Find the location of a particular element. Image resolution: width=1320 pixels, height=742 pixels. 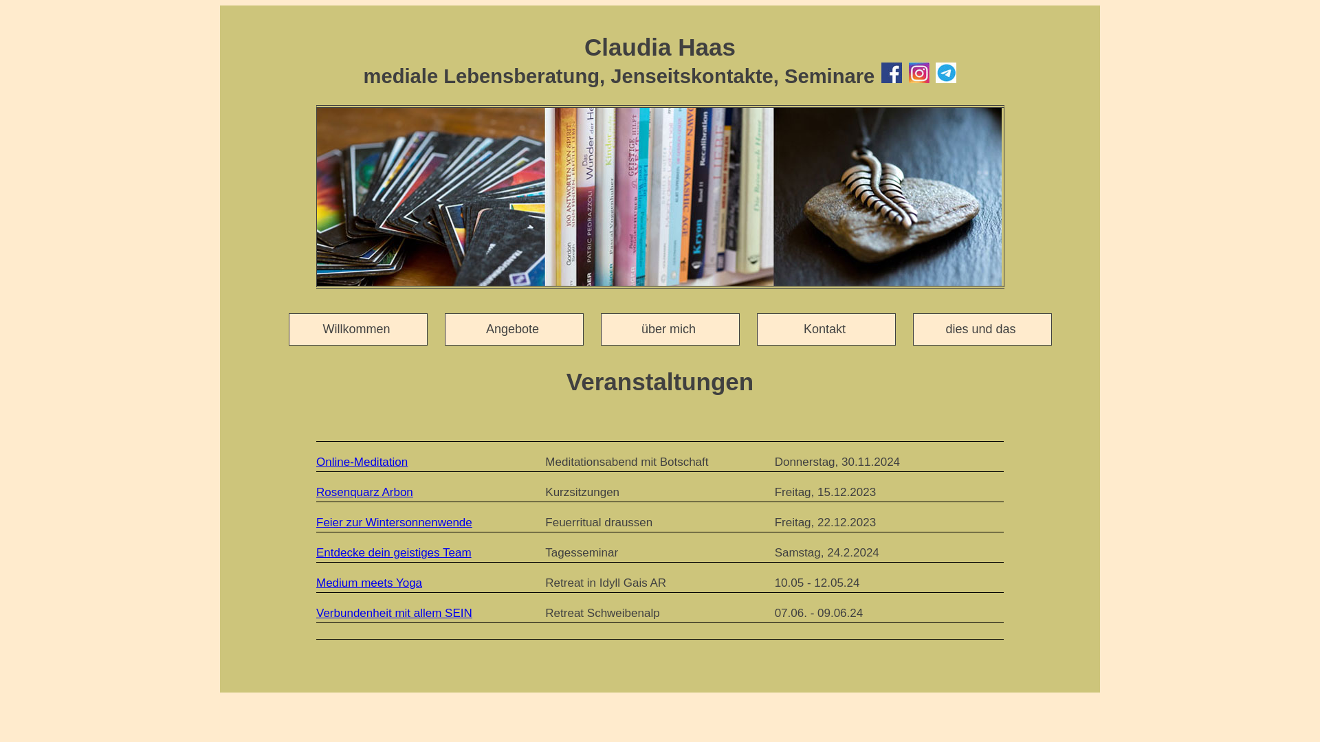

'Verbundenheit mit allem SEIN' is located at coordinates (393, 612).